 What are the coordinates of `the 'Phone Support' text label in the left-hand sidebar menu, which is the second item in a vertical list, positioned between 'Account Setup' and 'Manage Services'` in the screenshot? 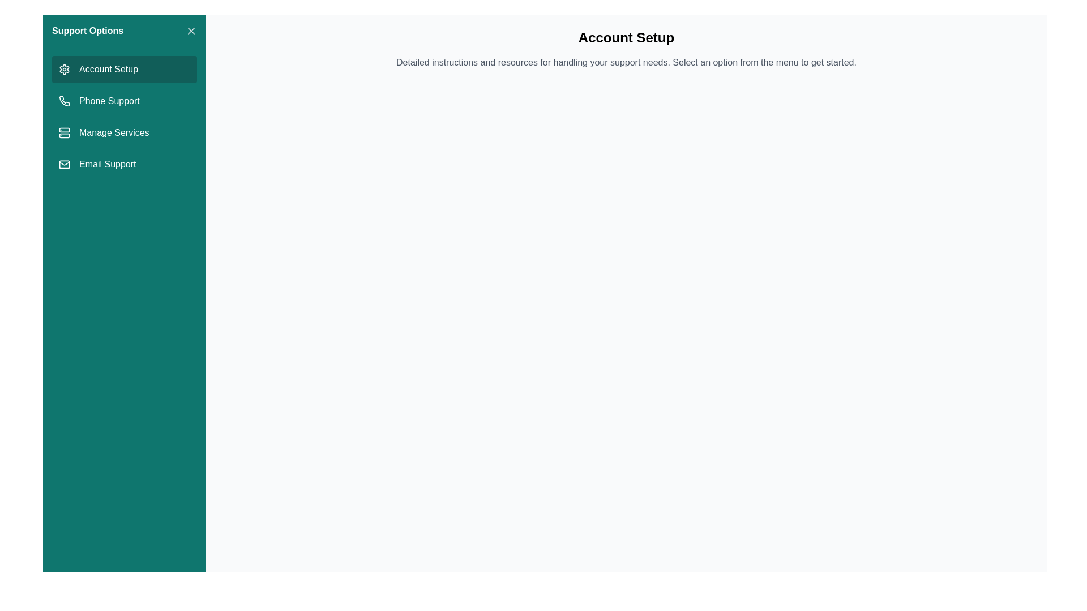 It's located at (109, 100).